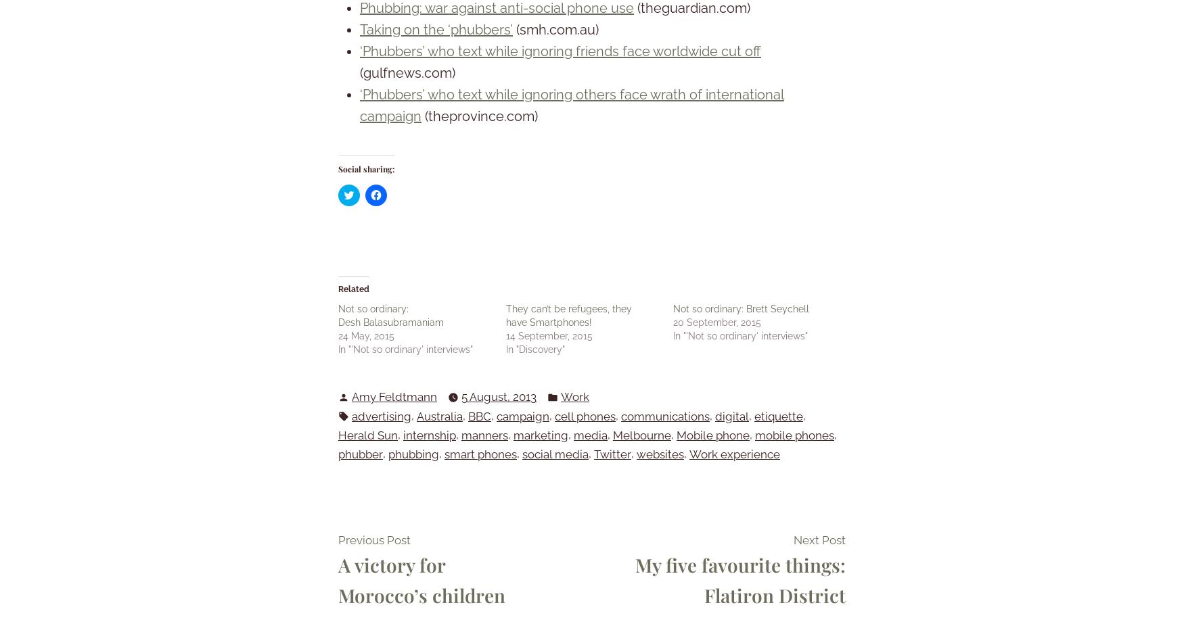  Describe the element at coordinates (484, 433) in the screenshot. I see `'manners'` at that location.